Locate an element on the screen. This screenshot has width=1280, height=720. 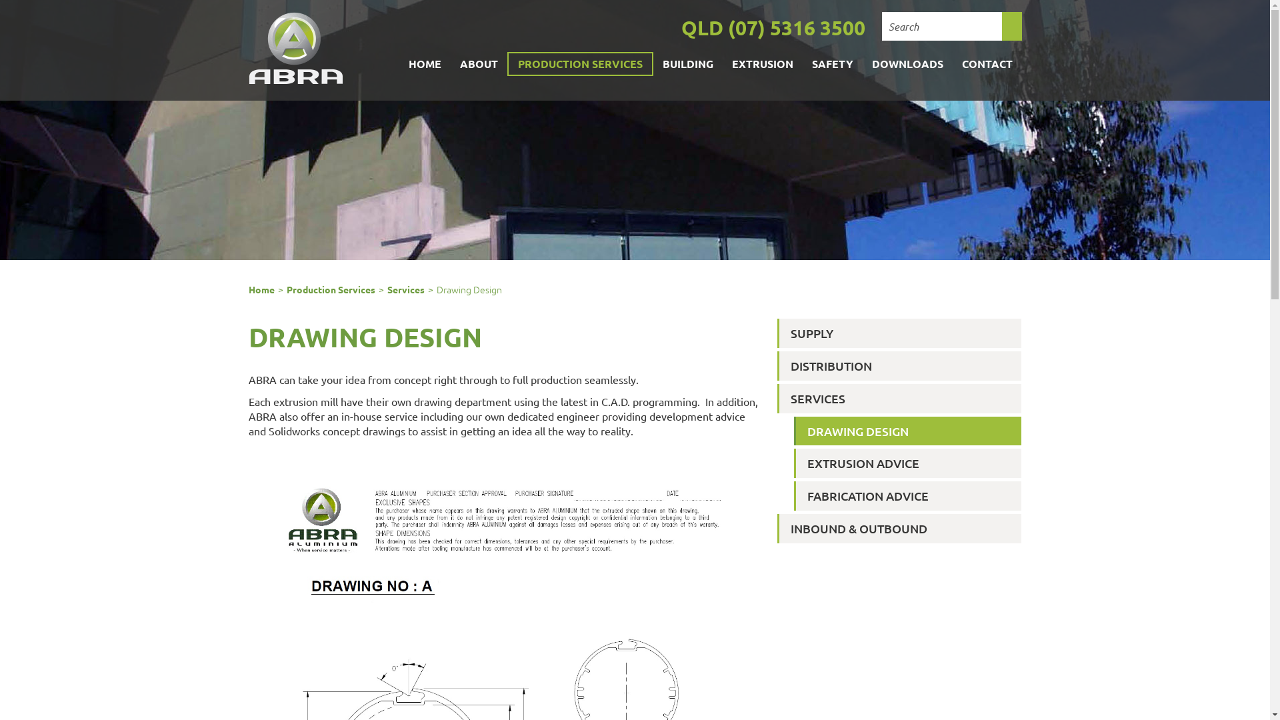
'Production Services' is located at coordinates (331, 289).